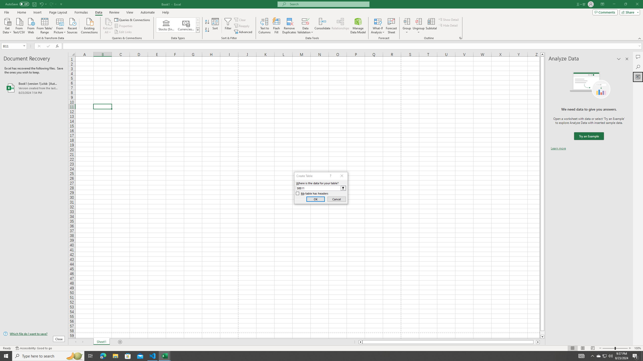  Describe the element at coordinates (358, 26) in the screenshot. I see `'Manage Data Model'` at that location.